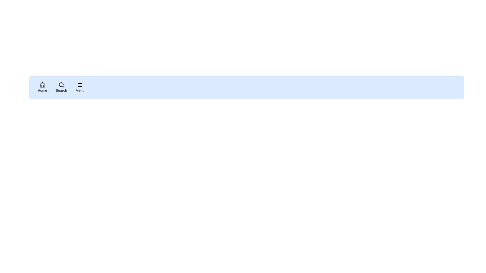 This screenshot has height=273, width=486. I want to click on the text label that serves as a description for the menu button, located below the corresponding icon in the navigation bar, so click(80, 90).